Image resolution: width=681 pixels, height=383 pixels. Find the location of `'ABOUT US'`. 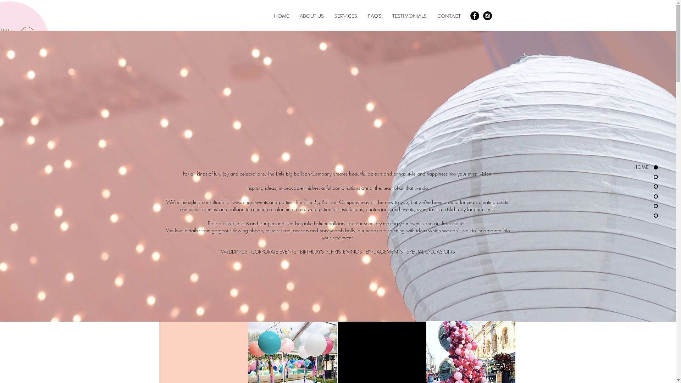

'ABOUT US' is located at coordinates (311, 16).